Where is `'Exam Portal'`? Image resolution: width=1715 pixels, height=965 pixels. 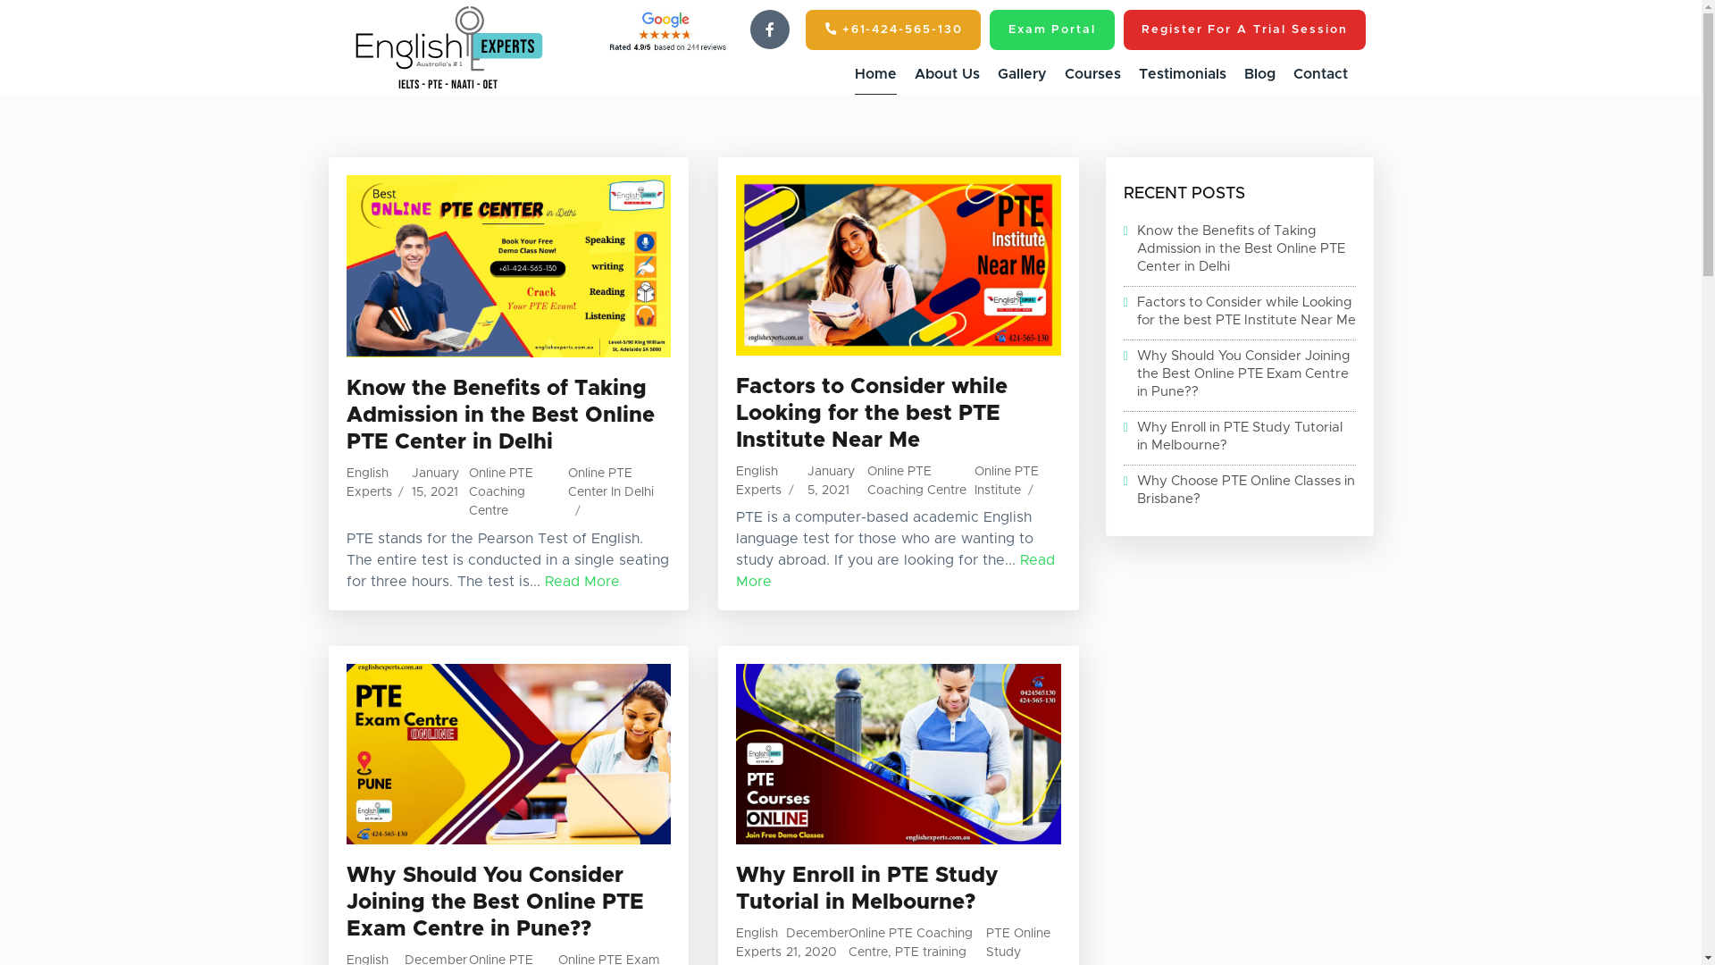
'Exam Portal' is located at coordinates (989, 29).